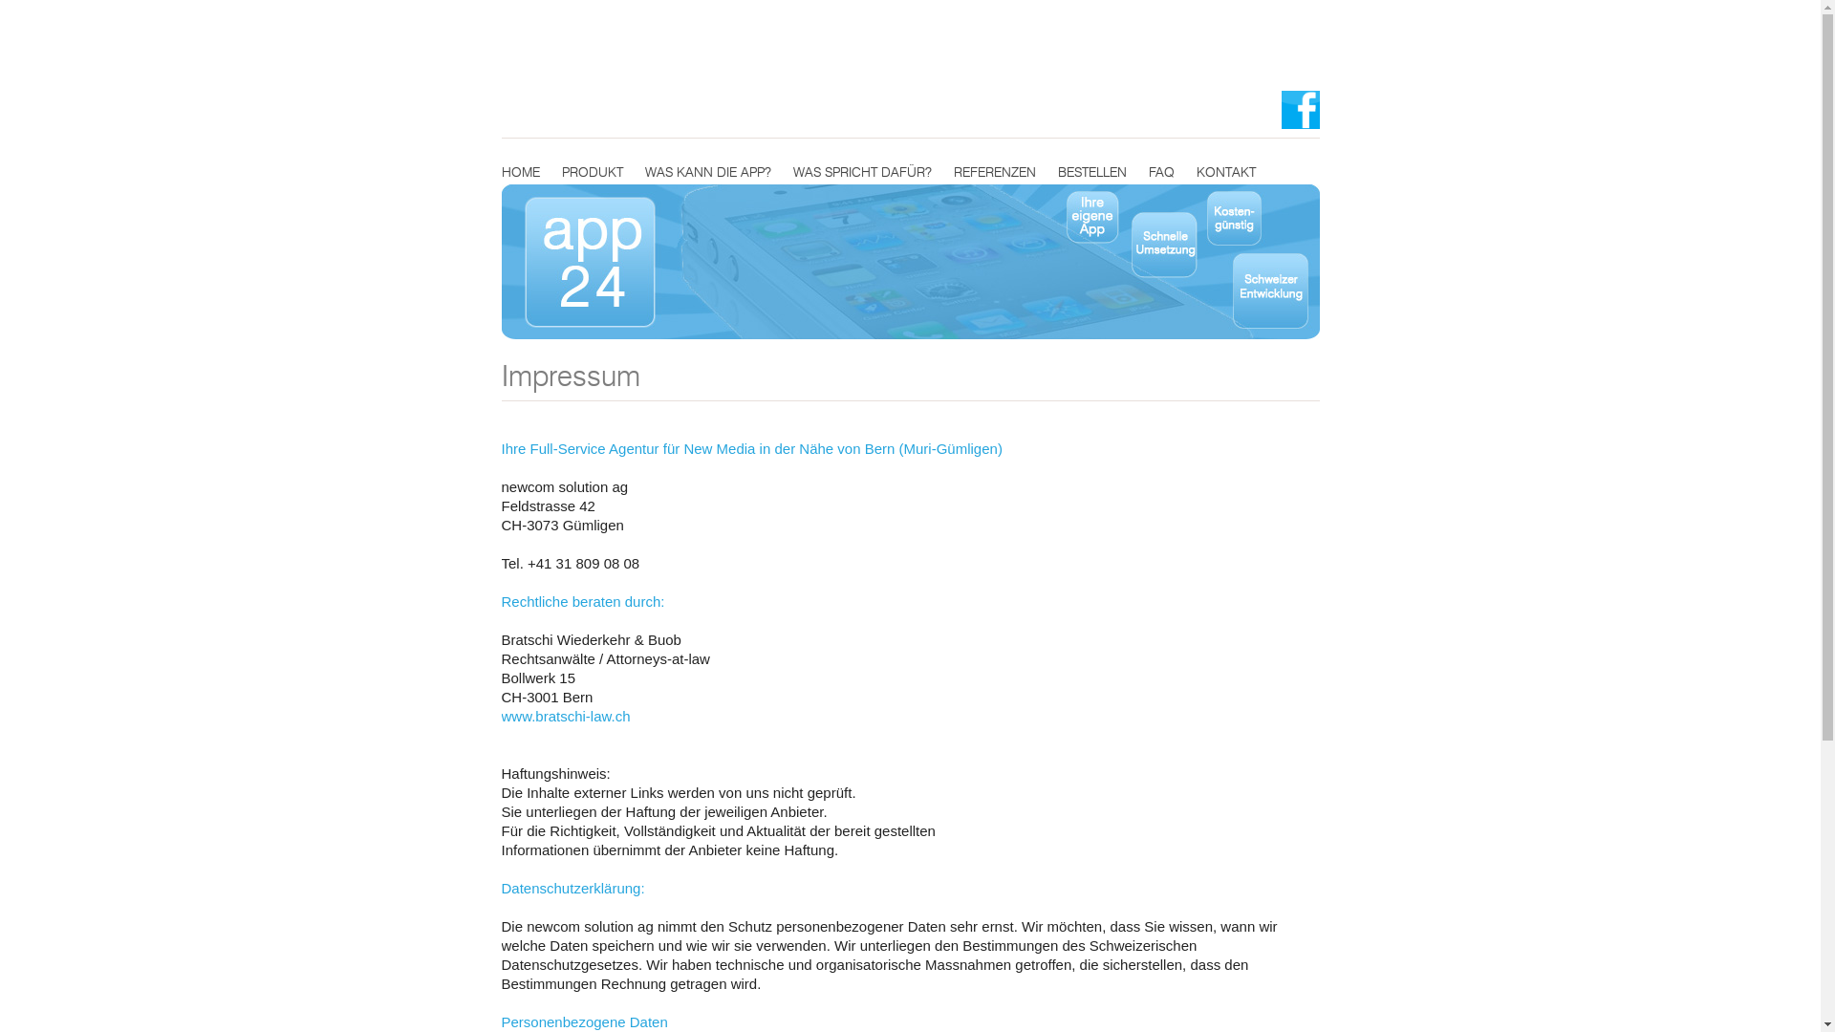 The width and height of the screenshot is (1835, 1032). Describe the element at coordinates (1225, 173) in the screenshot. I see `'KONTAKT'` at that location.